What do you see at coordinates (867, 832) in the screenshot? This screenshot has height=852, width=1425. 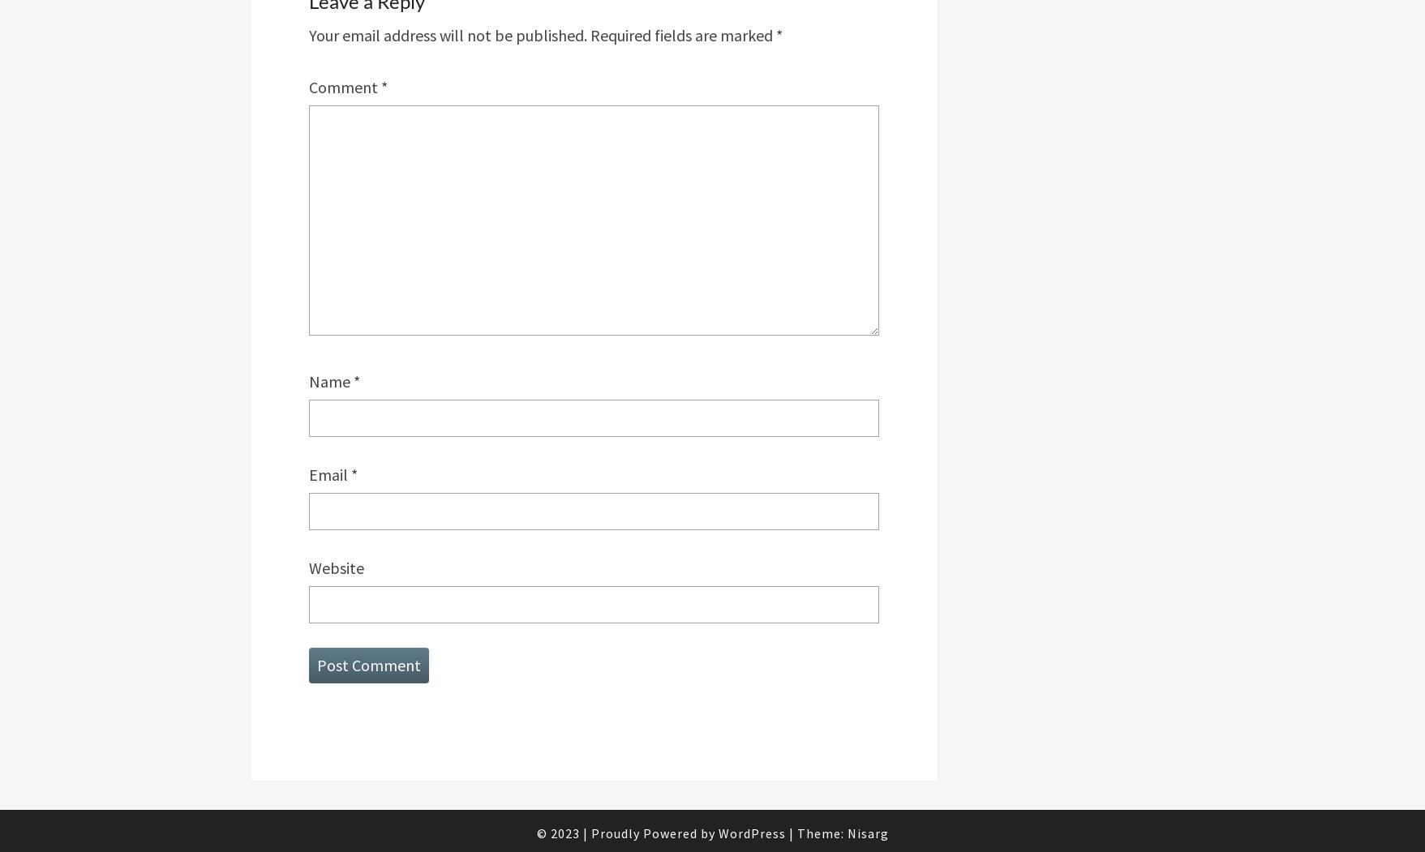 I see `'Nisarg'` at bounding box center [867, 832].